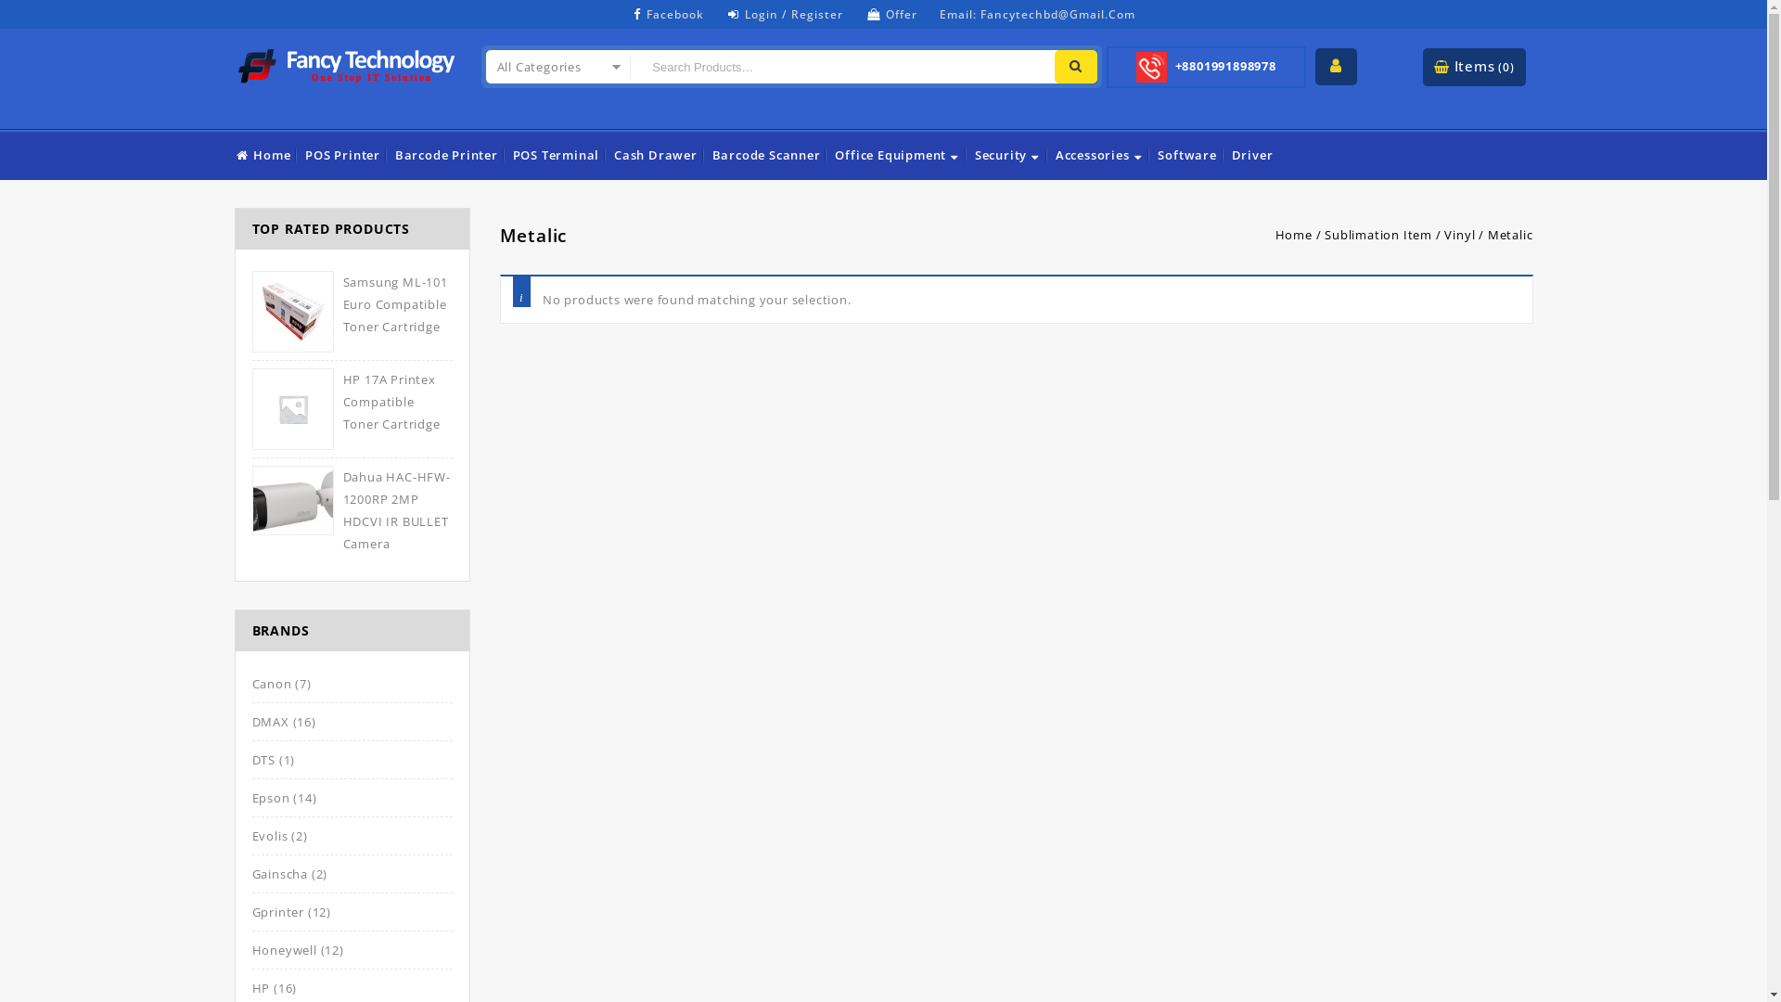 Image resolution: width=1781 pixels, height=1002 pixels. Describe the element at coordinates (352, 510) in the screenshot. I see `'Dahua HAC-HFW-1200RP 2MP HDCVI IR BULLET Camera'` at that location.